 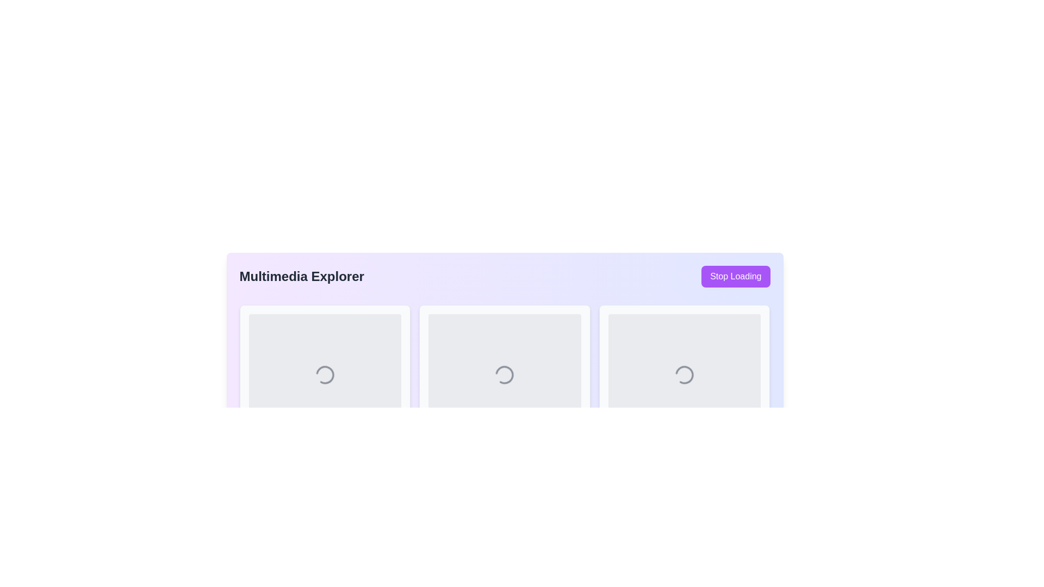 What do you see at coordinates (684, 374) in the screenshot?
I see `the Loader icon, which visually indicates that a process is ongoing and is centrally located in the rightmost rectangular frame of the interface` at bounding box center [684, 374].